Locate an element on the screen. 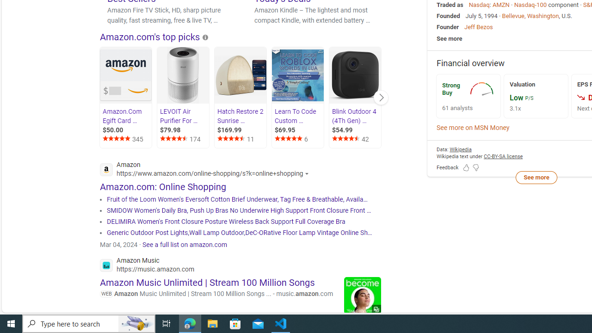 This screenshot has height=333, width=592. '$54.99' is located at coordinates (355, 130).